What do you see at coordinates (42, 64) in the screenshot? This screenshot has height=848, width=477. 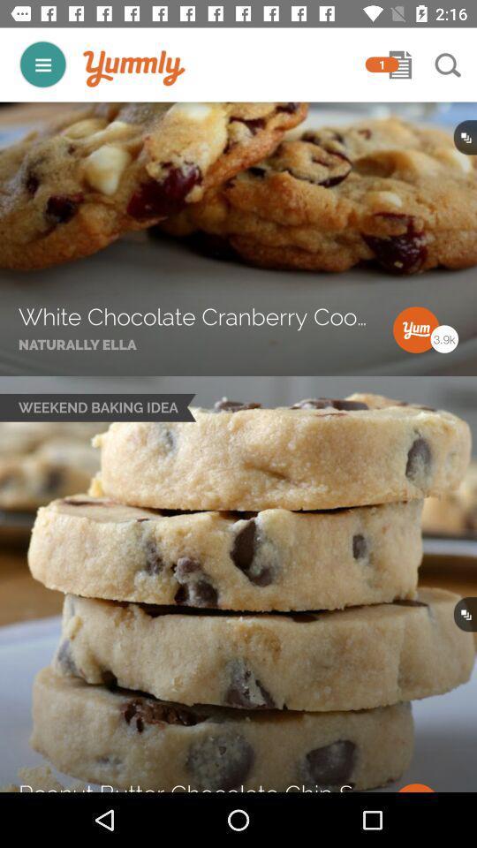 I see `open main menu` at bounding box center [42, 64].